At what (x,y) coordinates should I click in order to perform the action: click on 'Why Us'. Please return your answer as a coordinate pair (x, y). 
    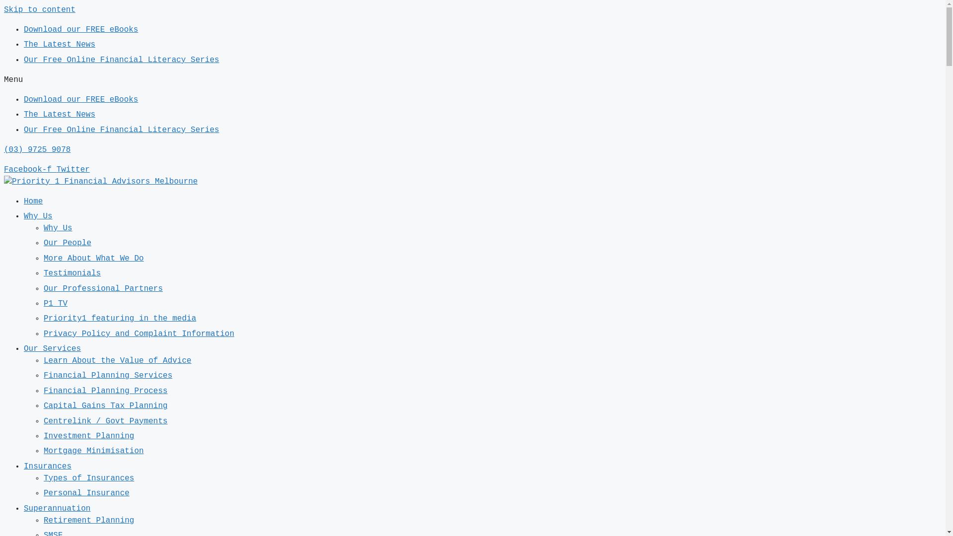
    Looking at the image, I should click on (57, 228).